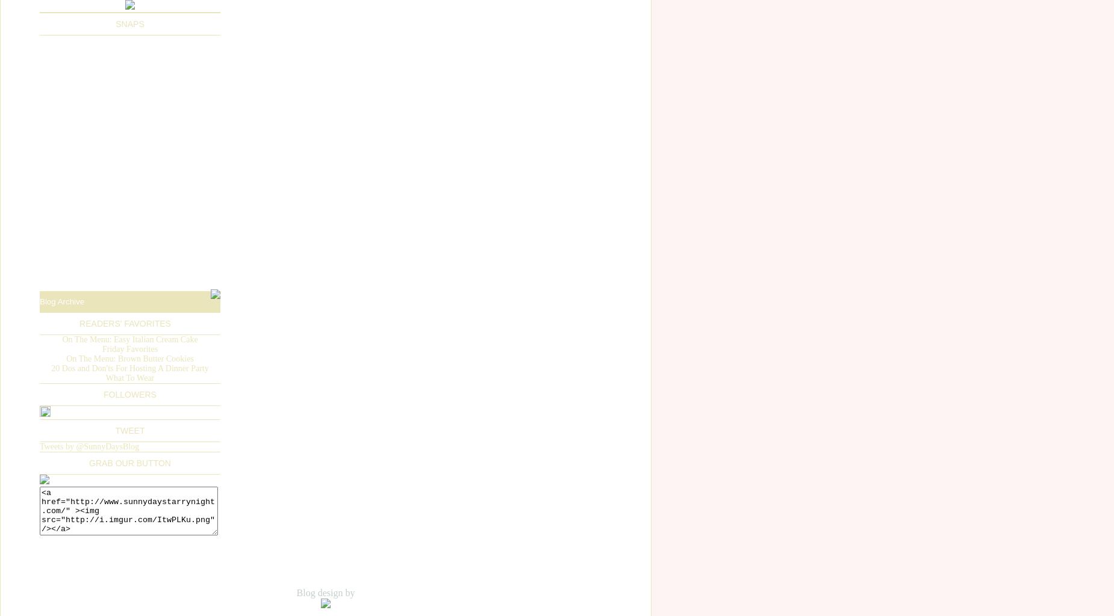  I want to click on '20 Dos and Don'ts For Hosting A Dinner Party', so click(129, 368).